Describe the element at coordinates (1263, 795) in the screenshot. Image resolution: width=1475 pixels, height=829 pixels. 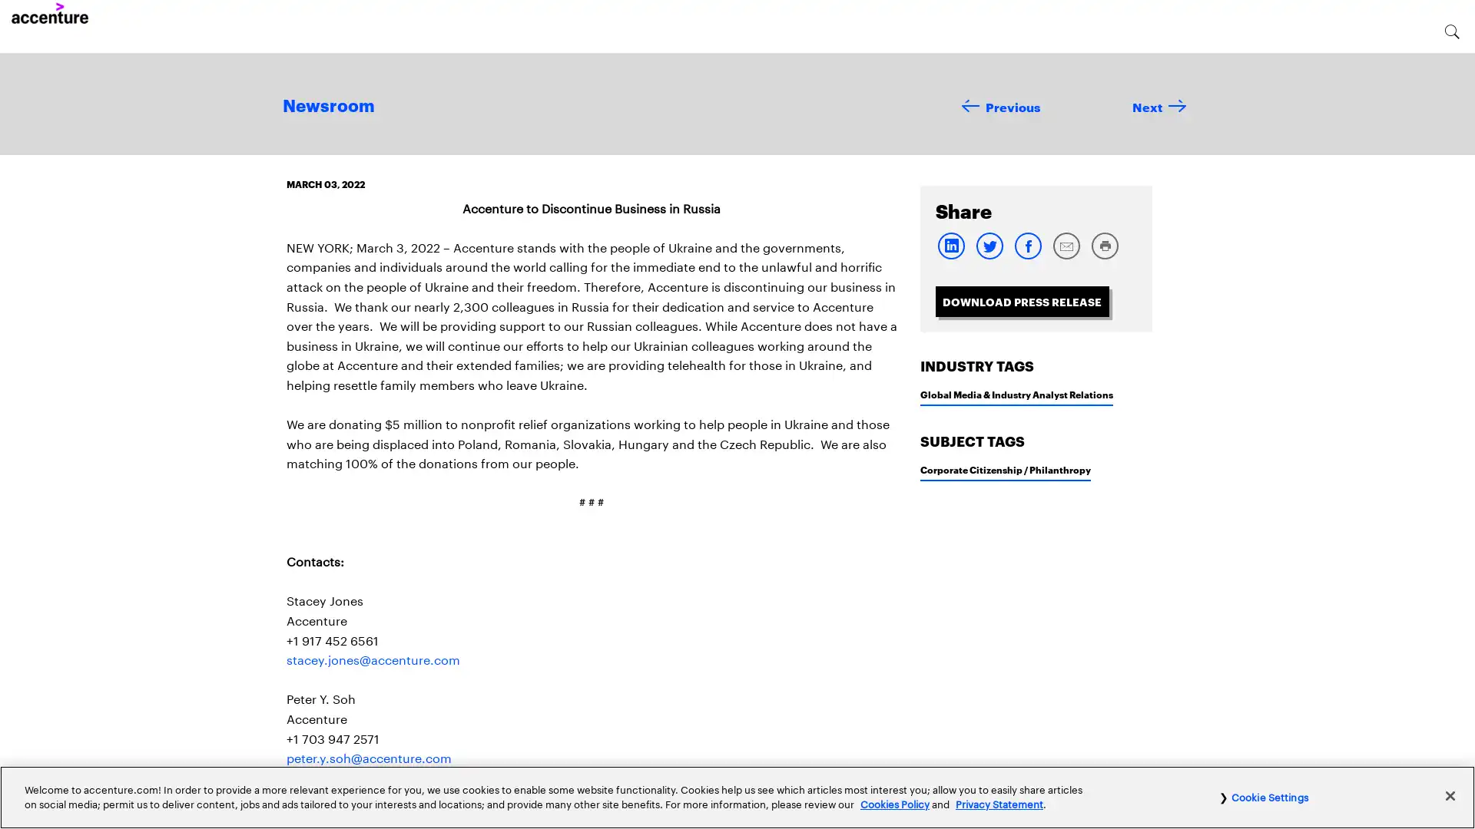
I see `Cookie Settings` at that location.